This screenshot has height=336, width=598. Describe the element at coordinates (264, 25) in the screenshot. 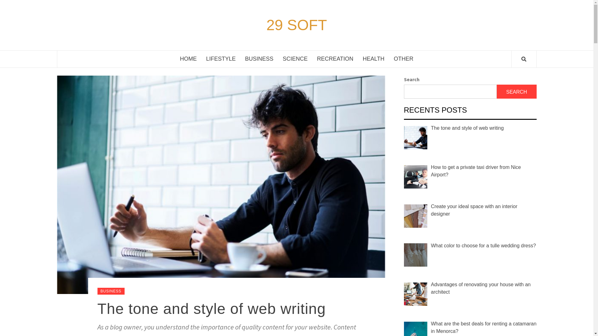

I see `'29 SOFT'` at that location.